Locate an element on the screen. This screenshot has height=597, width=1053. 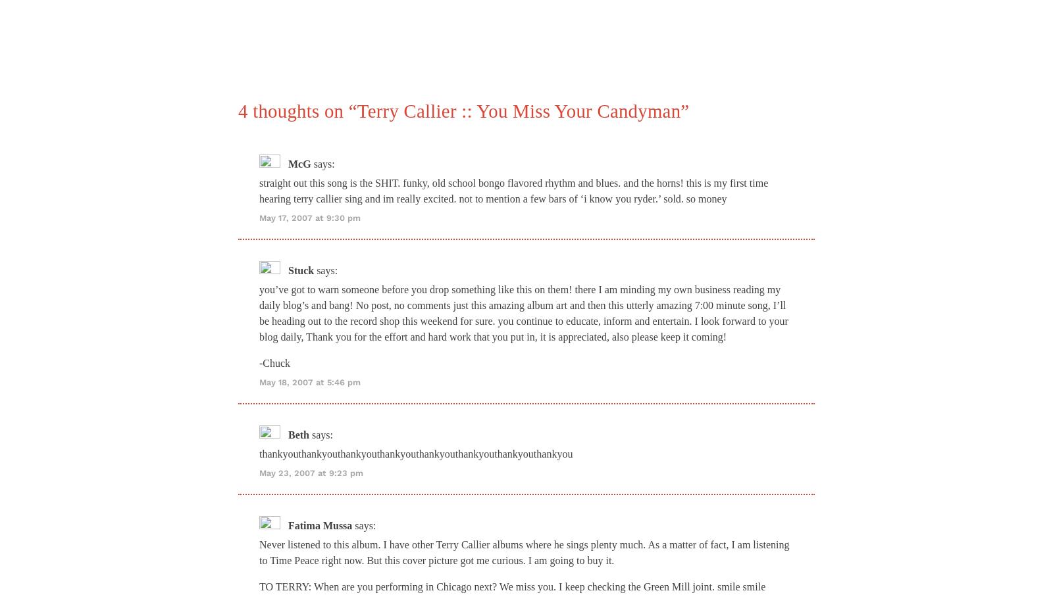
'Fatima Mussa' is located at coordinates (287, 525).